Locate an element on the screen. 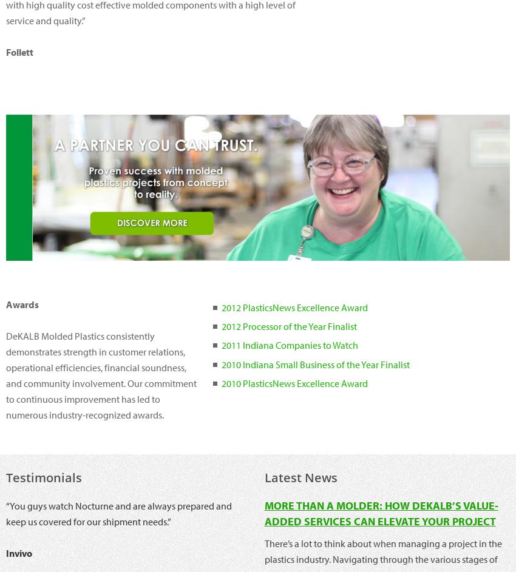 Image resolution: width=516 pixels, height=572 pixels. 'More than a Molder: How DeKALB’s Value-Added Services Can Elevate Your Project' is located at coordinates (380, 513).